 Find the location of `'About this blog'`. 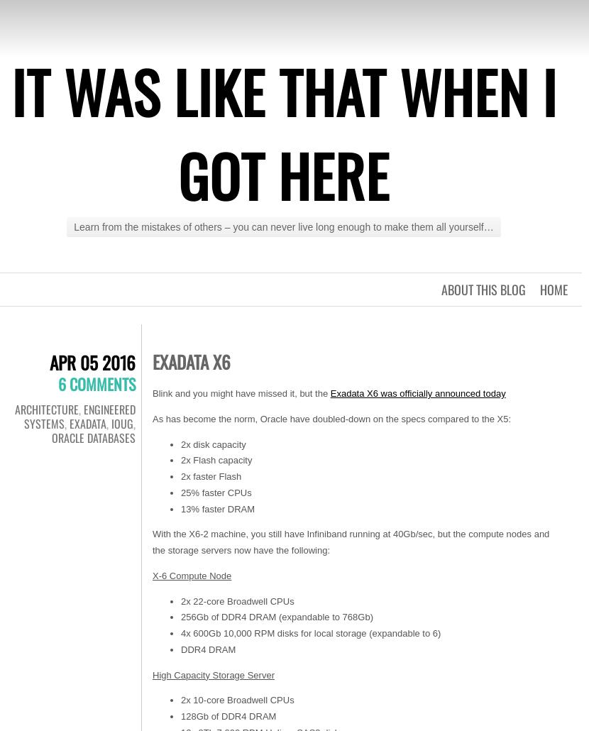

'About this blog' is located at coordinates (483, 289).